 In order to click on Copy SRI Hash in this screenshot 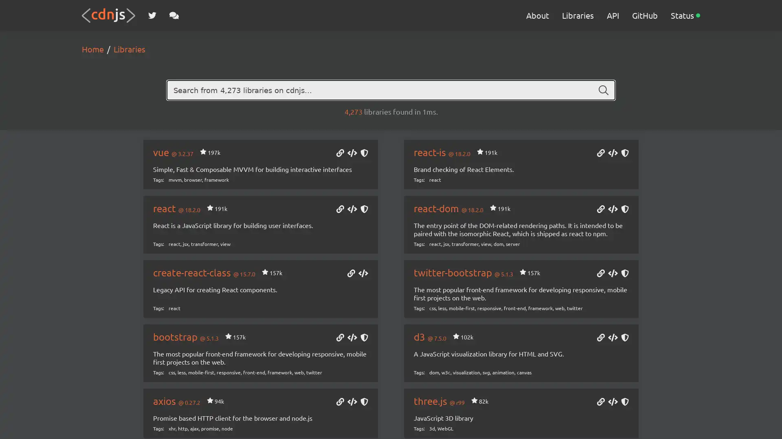, I will do `click(624, 274)`.